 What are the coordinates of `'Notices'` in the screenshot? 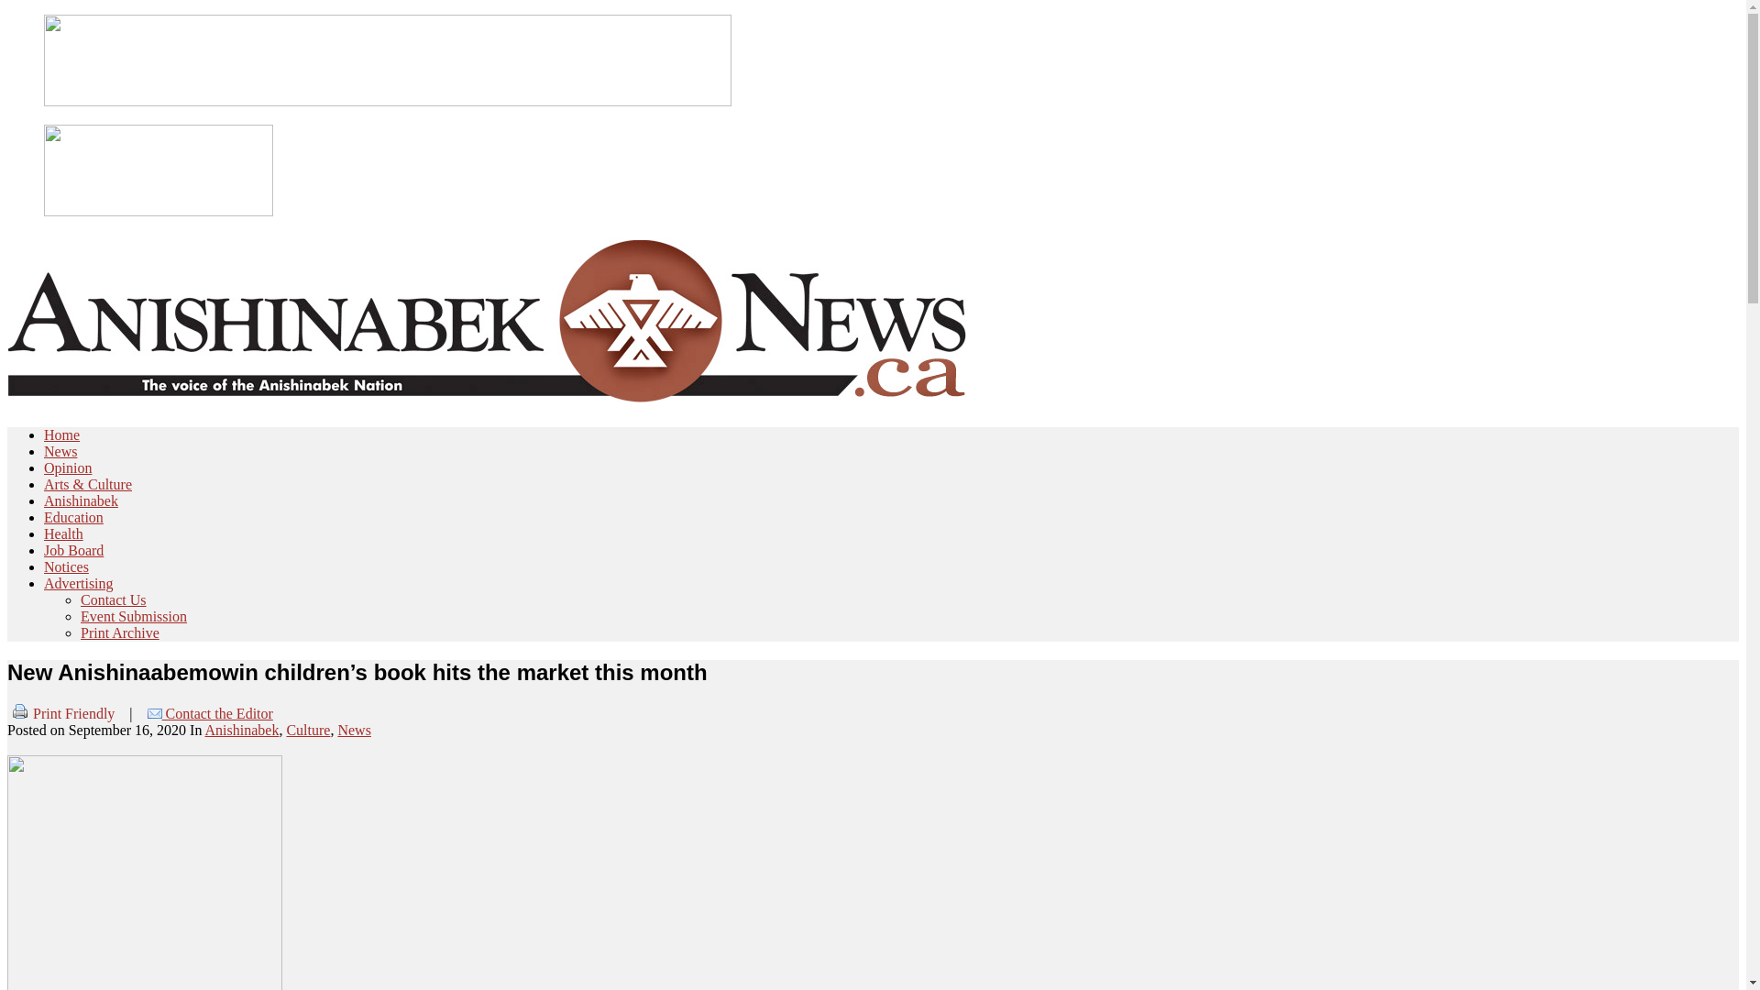 It's located at (66, 566).